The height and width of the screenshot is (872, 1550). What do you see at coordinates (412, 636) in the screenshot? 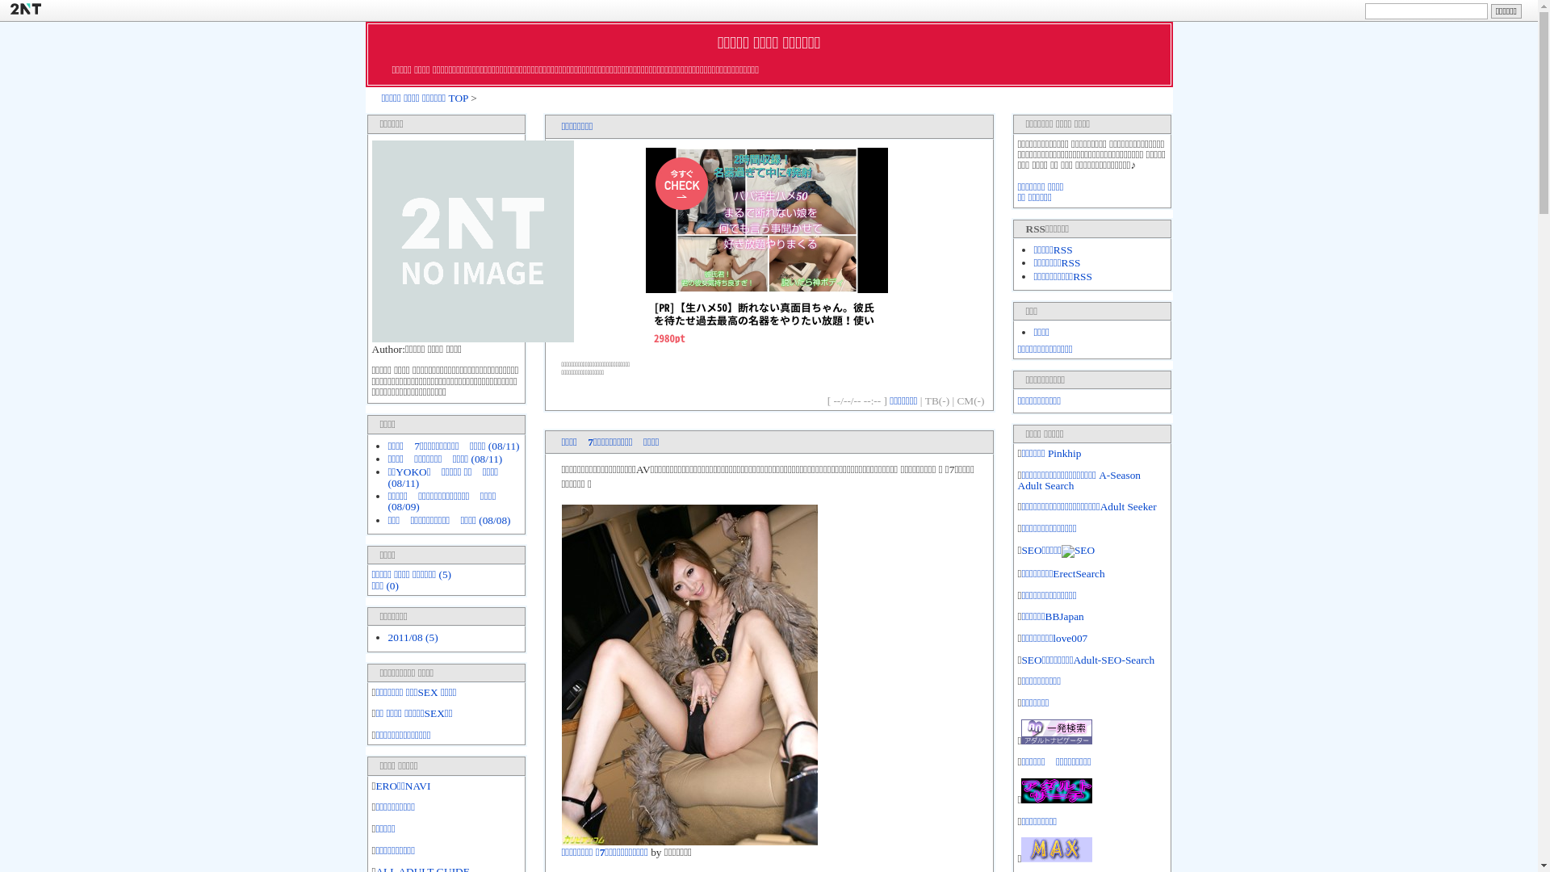
I see `'2011/08 (5)'` at bounding box center [412, 636].